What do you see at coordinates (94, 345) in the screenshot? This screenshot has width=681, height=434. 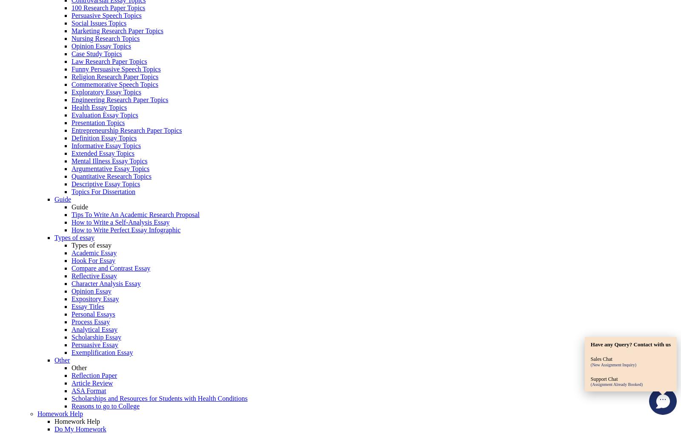 I see `'Persuasive Essay'` at bounding box center [94, 345].